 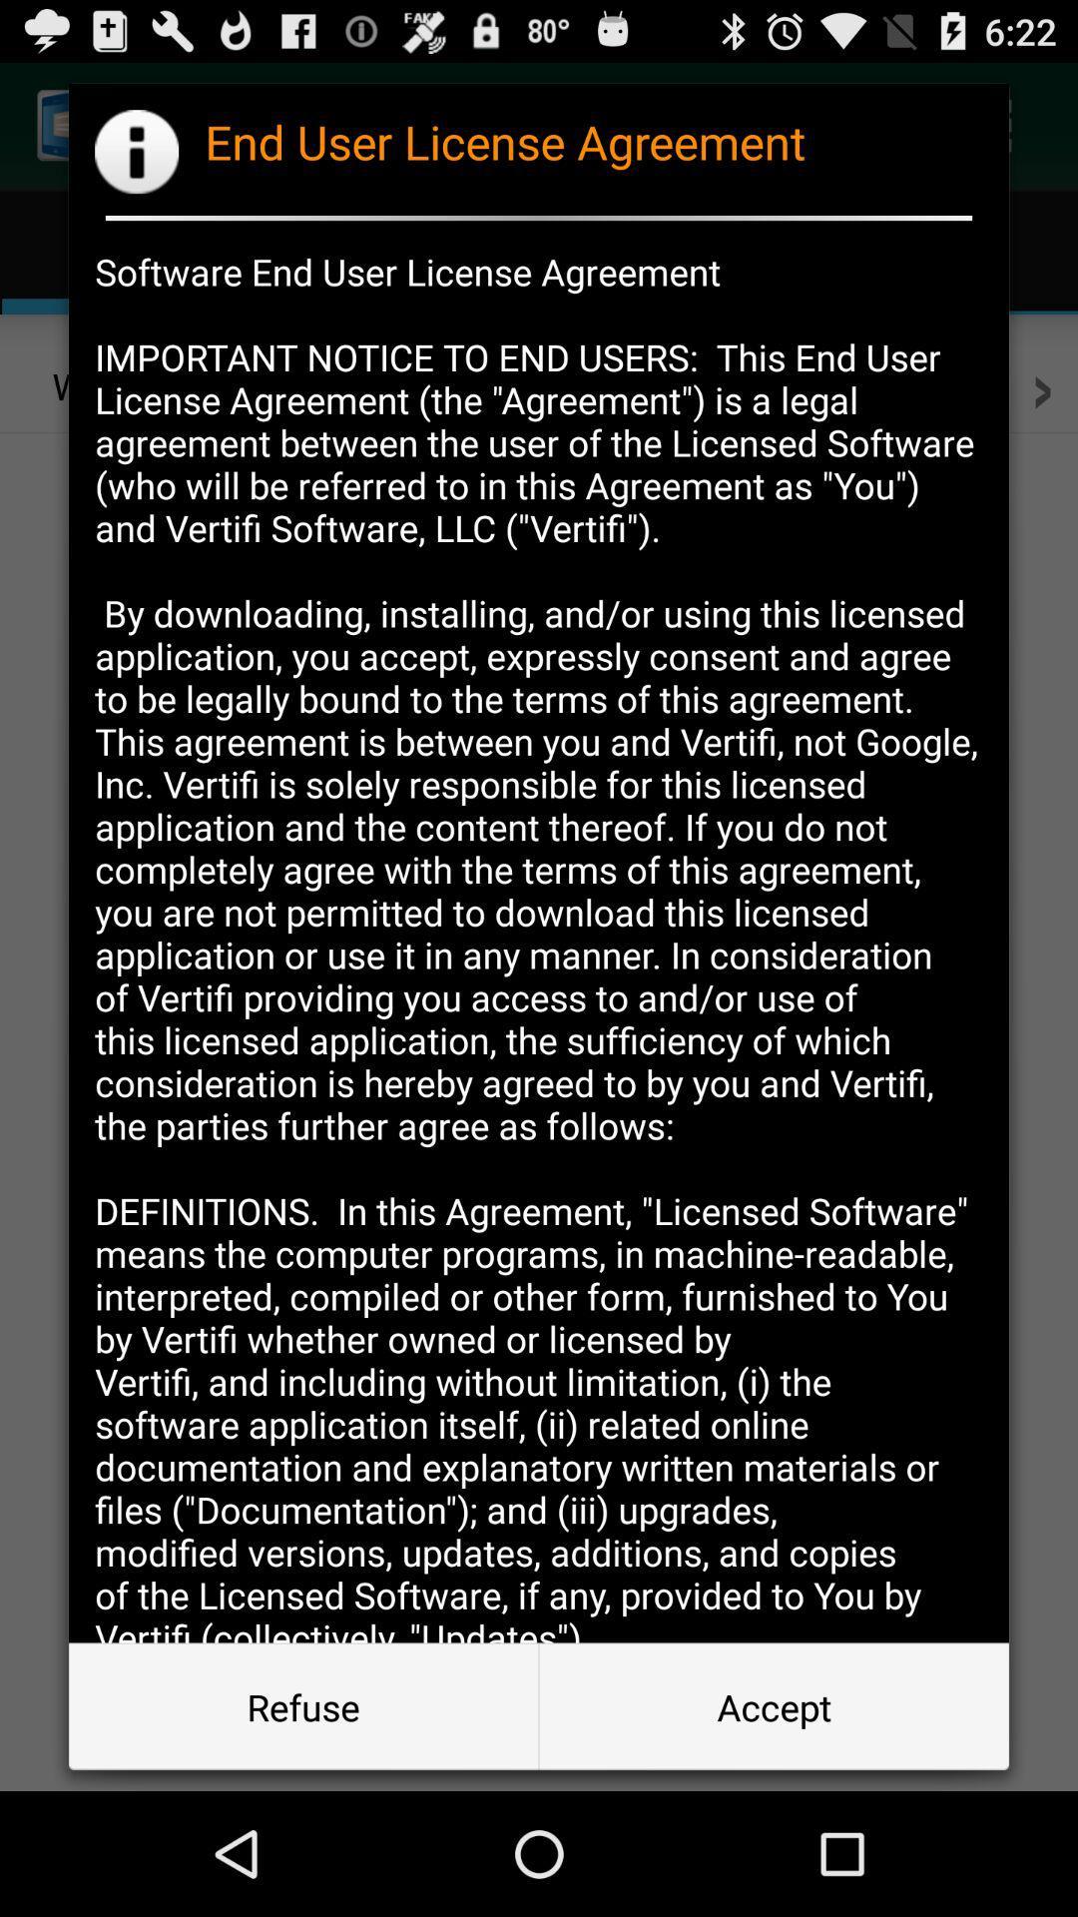 What do you see at coordinates (773, 1705) in the screenshot?
I see `the accept item` at bounding box center [773, 1705].